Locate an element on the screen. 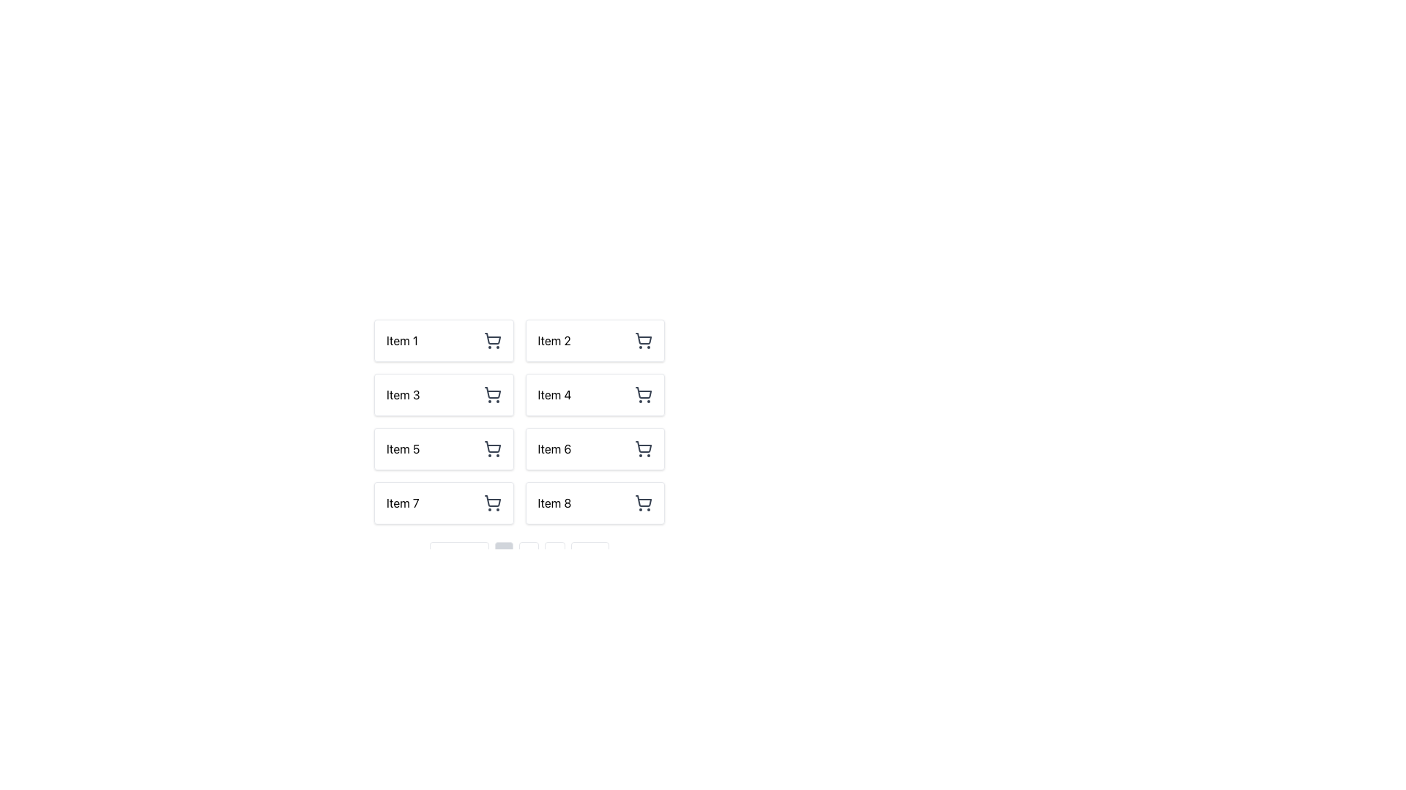 Image resolution: width=1406 pixels, height=790 pixels. the Text Label that serves as a label or identifier for a specific item in the first column of the second row in the grid is located at coordinates (403, 395).